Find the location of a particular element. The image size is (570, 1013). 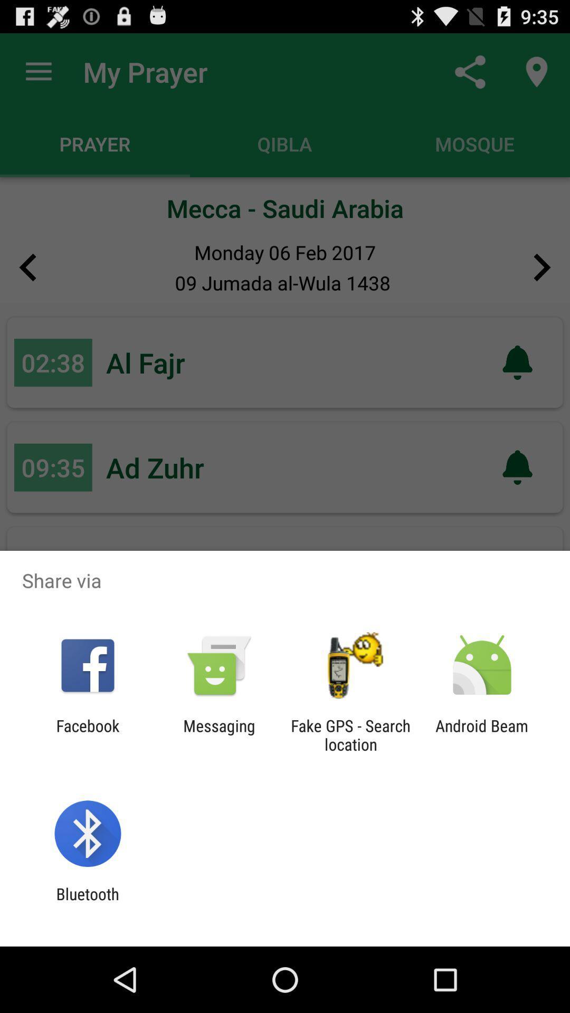

app to the right of fake gps search app is located at coordinates (482, 734).